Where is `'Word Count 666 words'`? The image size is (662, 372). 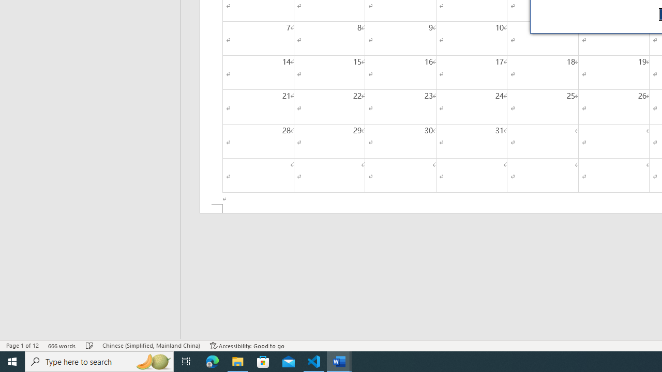 'Word Count 666 words' is located at coordinates (62, 346).